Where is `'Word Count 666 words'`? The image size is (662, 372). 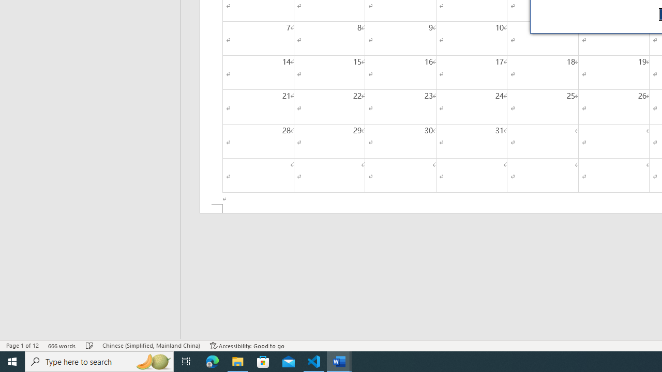 'Word Count 666 words' is located at coordinates (62, 346).